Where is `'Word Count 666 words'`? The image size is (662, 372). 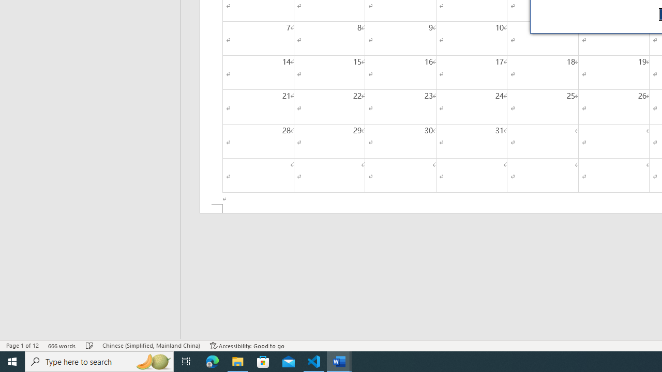 'Word Count 666 words' is located at coordinates (62, 346).